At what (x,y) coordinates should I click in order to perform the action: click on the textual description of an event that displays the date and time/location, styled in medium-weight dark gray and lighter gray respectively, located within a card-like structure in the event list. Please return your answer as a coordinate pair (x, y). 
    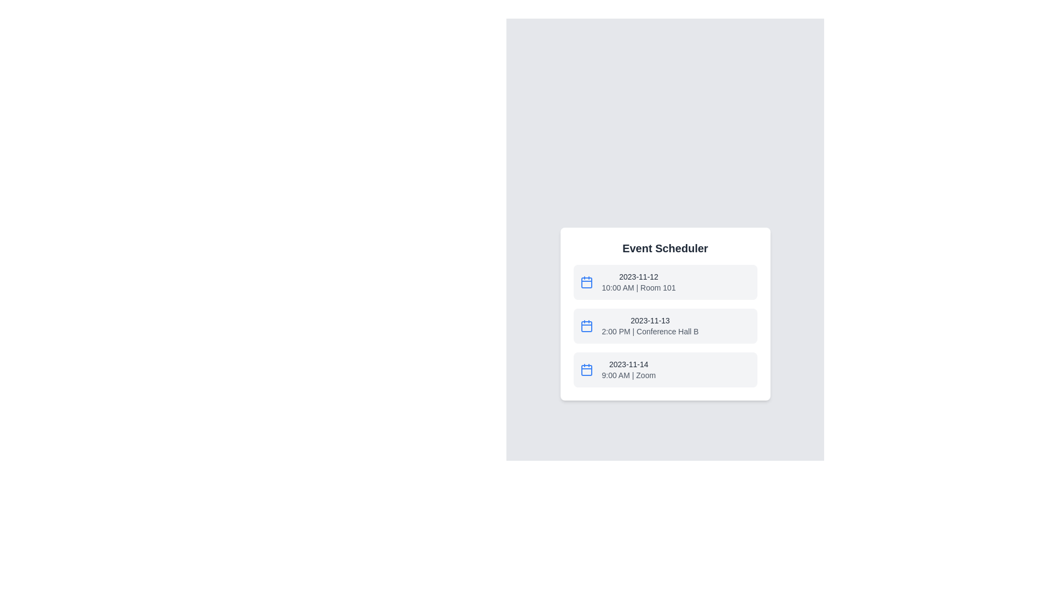
    Looking at the image, I should click on (650, 326).